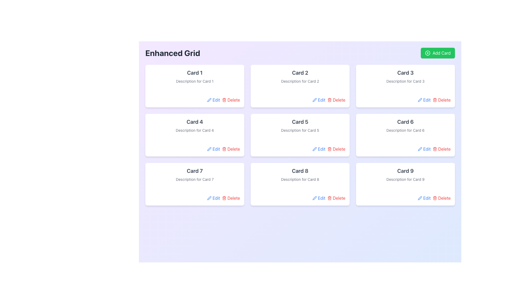 The height and width of the screenshot is (288, 512). I want to click on the pen icon SVG graphic located at the bottom-right corner of 'Card 7' to indicate interactivity, so click(209, 198).